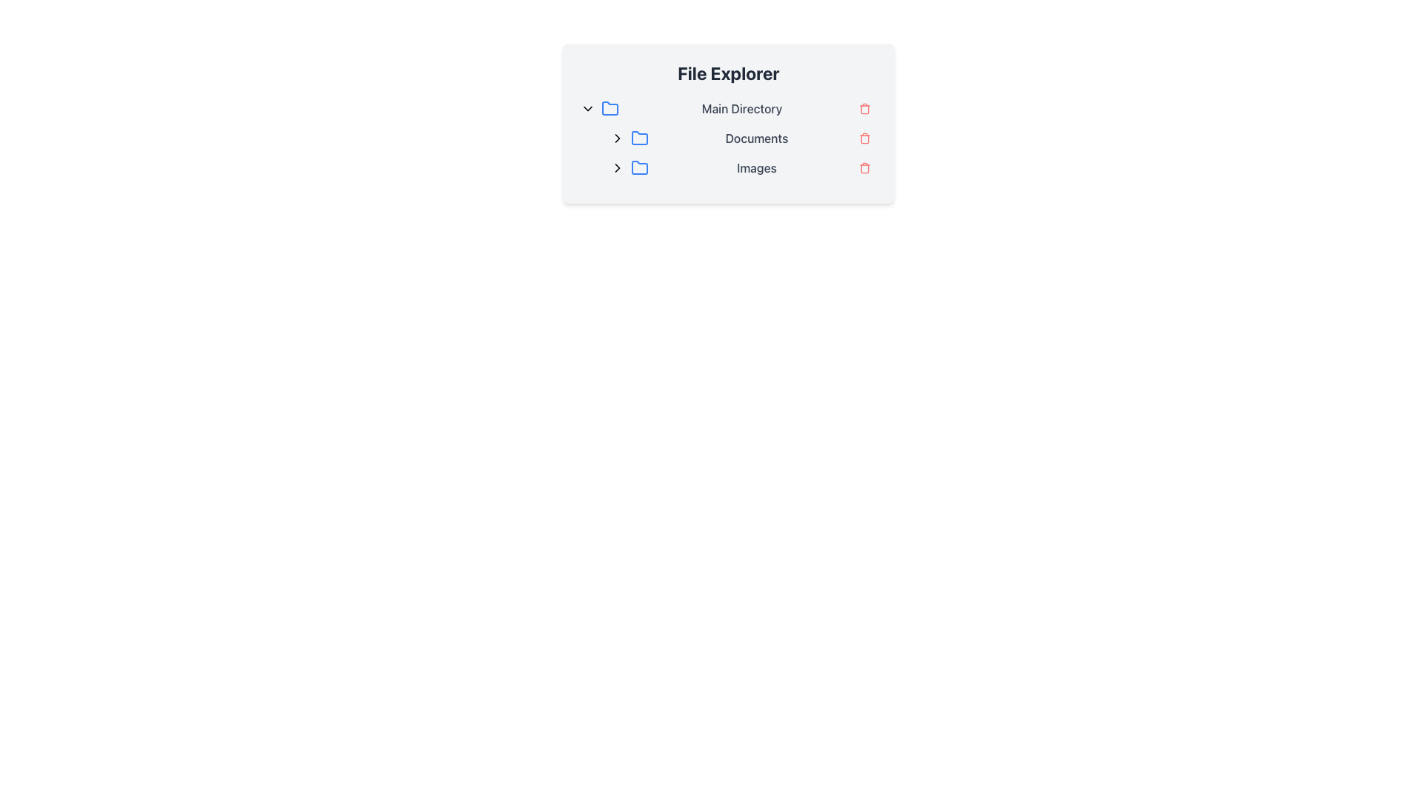 This screenshot has width=1422, height=800. I want to click on the folder icon with a blue outline located to the left of the 'Main Directory' label in the file explorer interface, so click(610, 107).